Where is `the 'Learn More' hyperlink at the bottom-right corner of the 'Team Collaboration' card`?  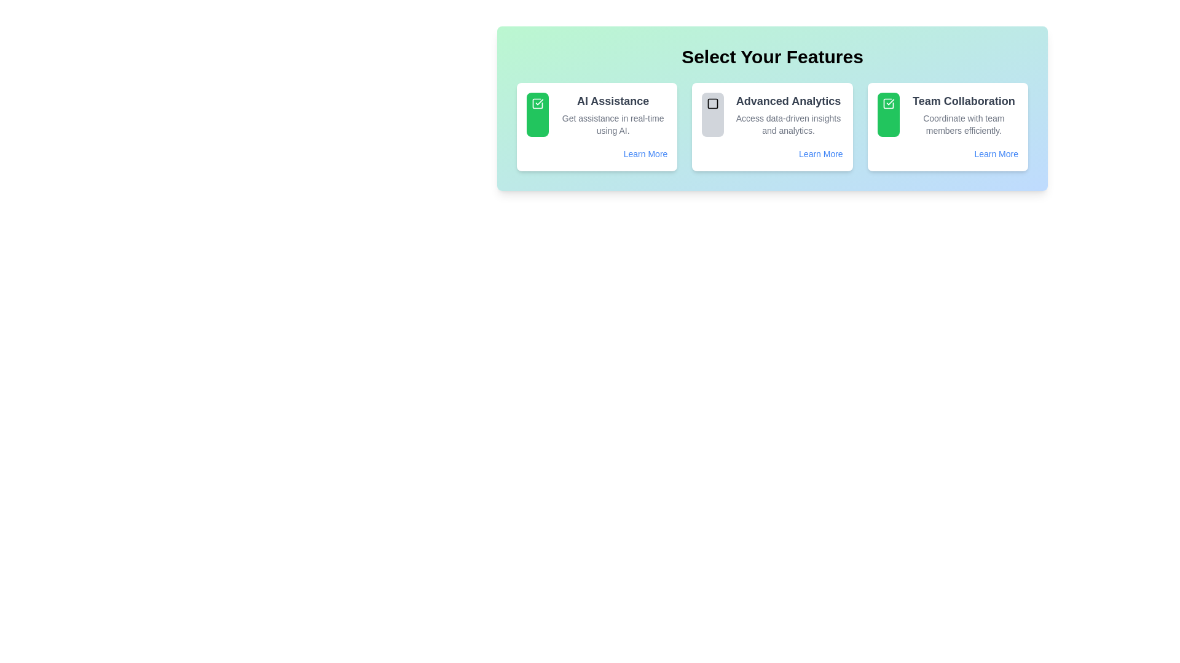 the 'Learn More' hyperlink at the bottom-right corner of the 'Team Collaboration' card is located at coordinates (947, 153).